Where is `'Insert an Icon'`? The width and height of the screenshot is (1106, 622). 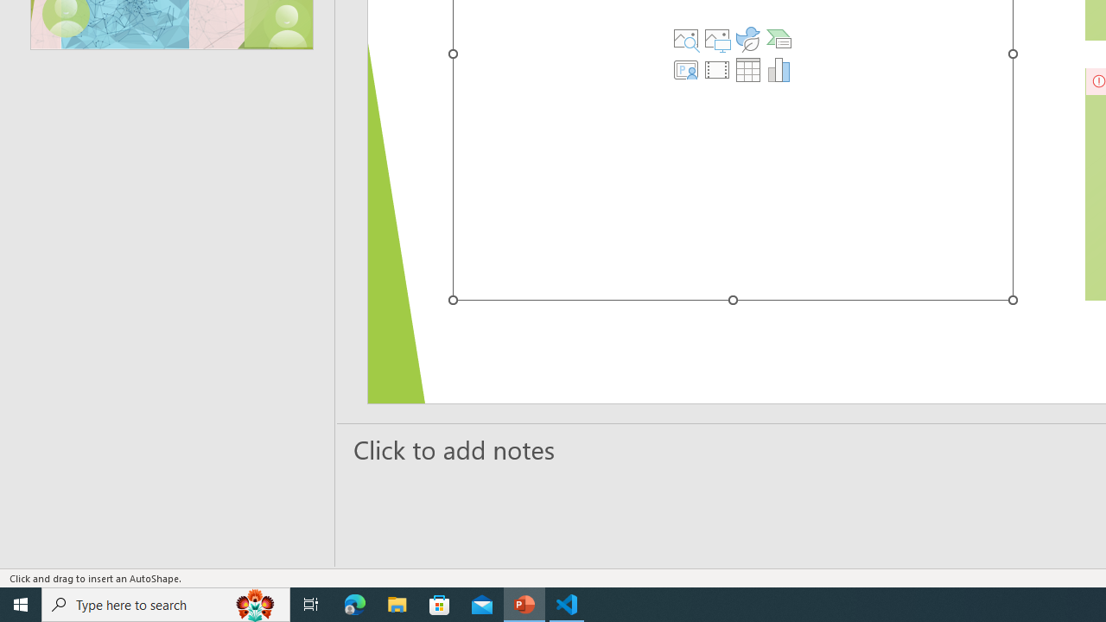
'Insert an Icon' is located at coordinates (747, 39).